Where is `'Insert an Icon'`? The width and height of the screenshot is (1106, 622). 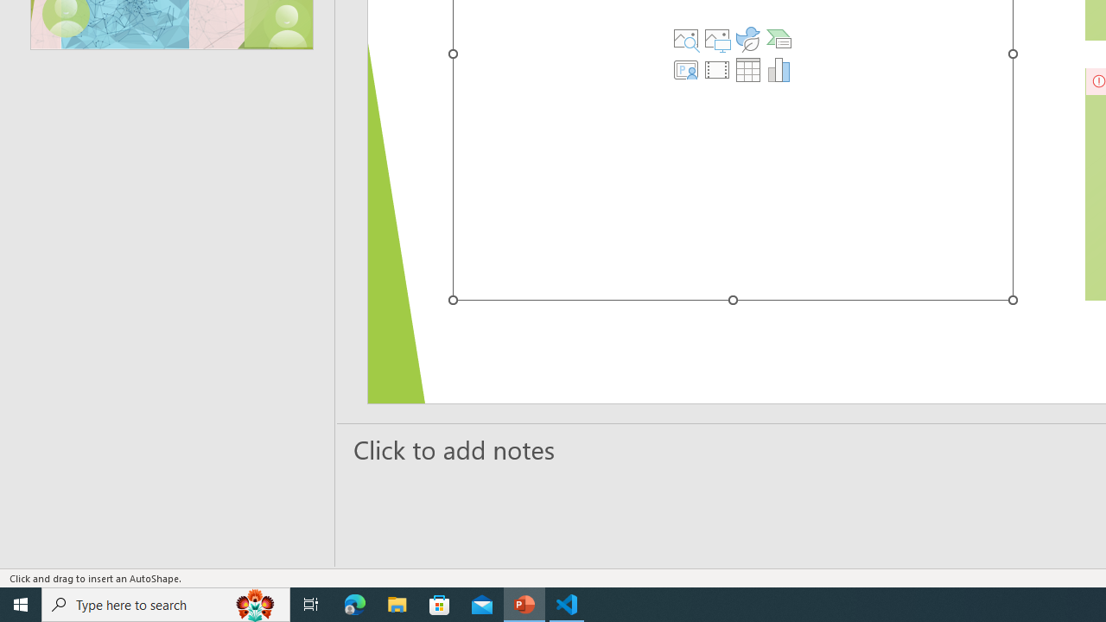
'Insert an Icon' is located at coordinates (747, 39).